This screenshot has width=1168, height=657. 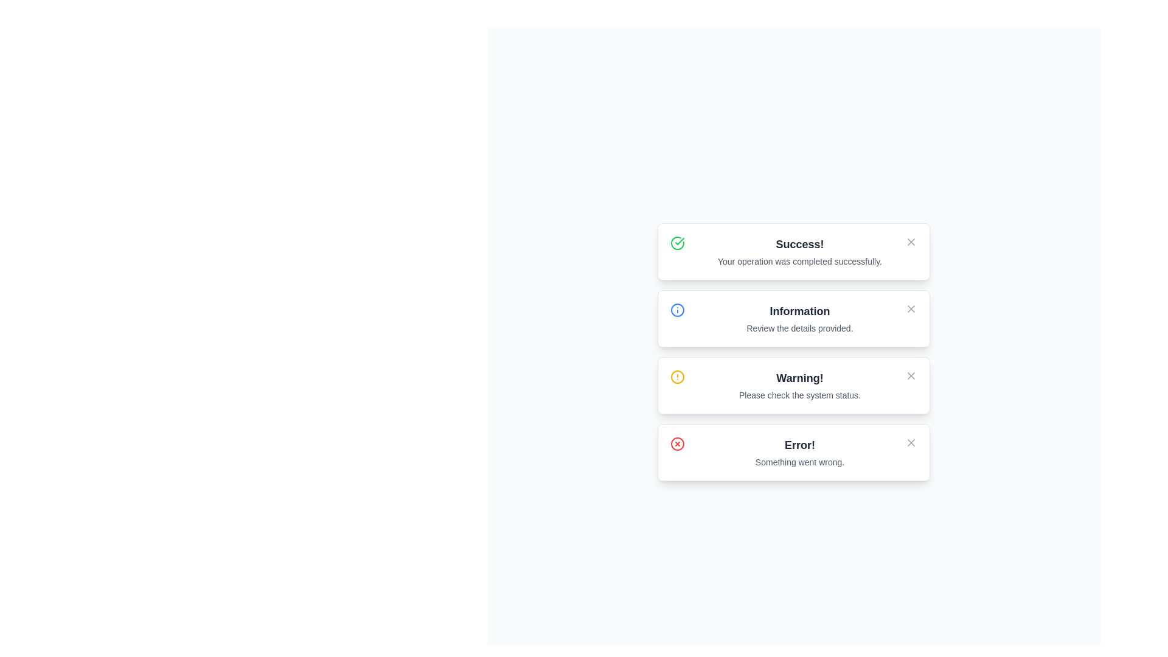 What do you see at coordinates (794, 356) in the screenshot?
I see `the notification in the third message box of the vertically stacked notification list, located between the 'Information' box and the 'Error!' box` at bounding box center [794, 356].